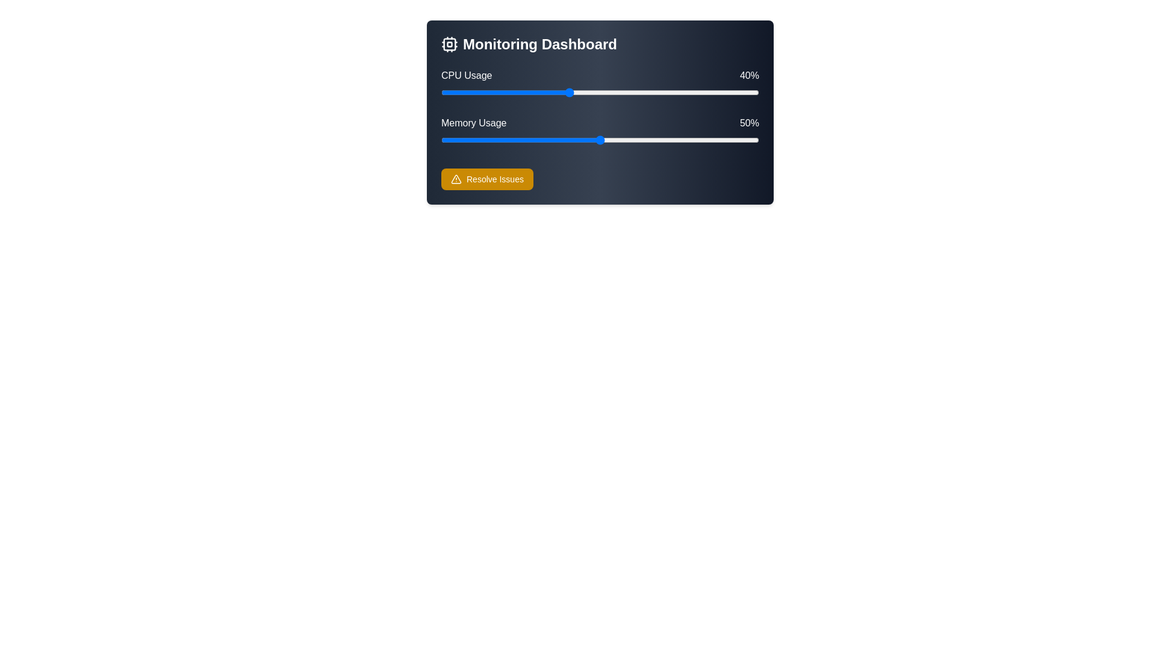  I want to click on the text label displaying '50%' which indicates memory usage, located at the right end of the horizontal layout in the monitoring dashboard, so click(748, 123).